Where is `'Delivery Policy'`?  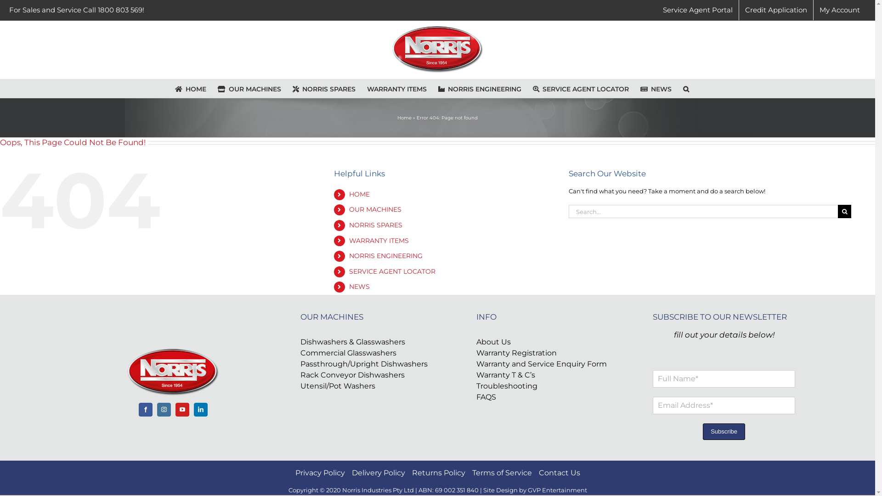
'Delivery Policy' is located at coordinates (379, 473).